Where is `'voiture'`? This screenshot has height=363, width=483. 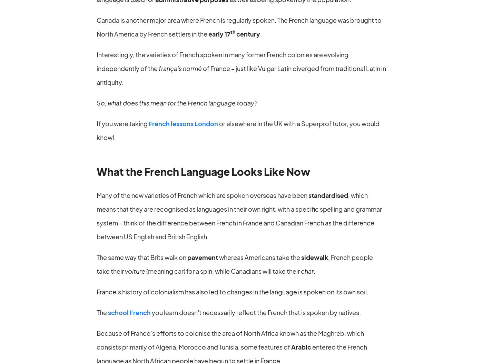
'voiture' is located at coordinates (135, 271).